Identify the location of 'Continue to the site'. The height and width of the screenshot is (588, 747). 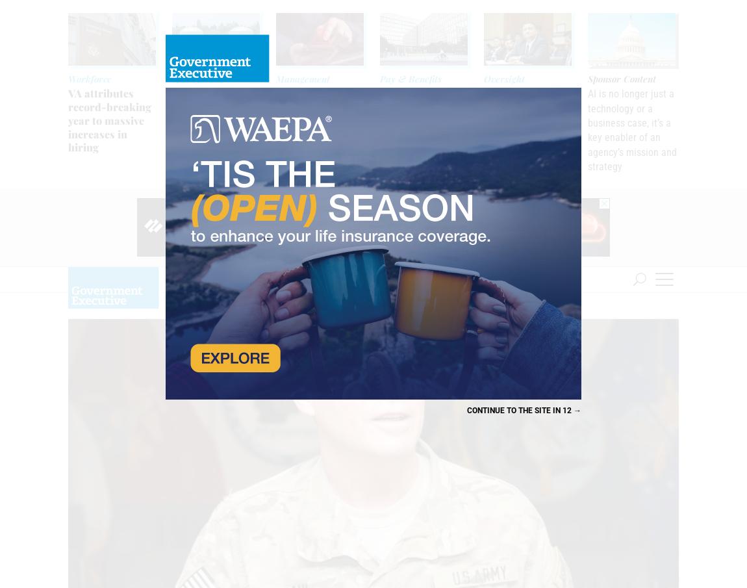
(508, 409).